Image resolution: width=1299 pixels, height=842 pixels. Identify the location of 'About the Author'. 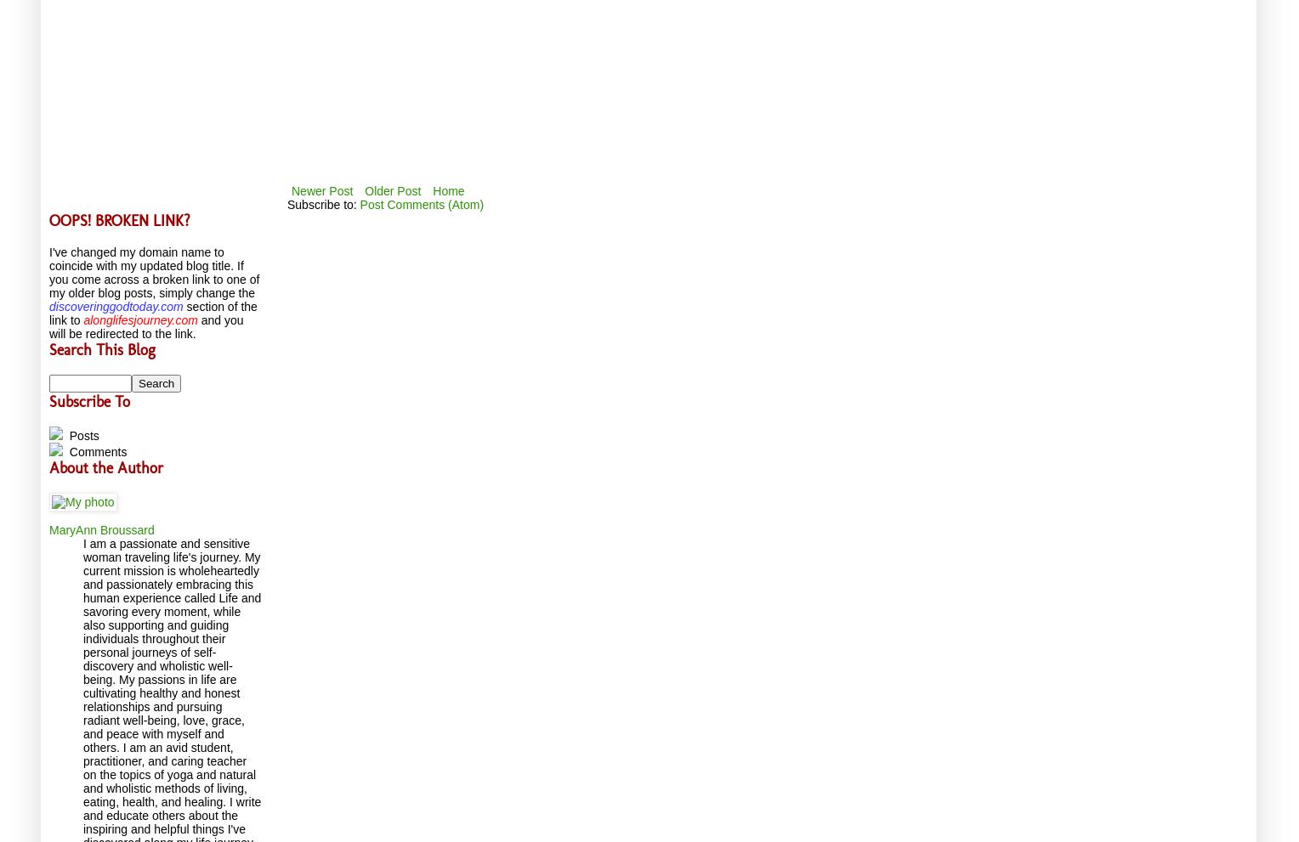
(105, 466).